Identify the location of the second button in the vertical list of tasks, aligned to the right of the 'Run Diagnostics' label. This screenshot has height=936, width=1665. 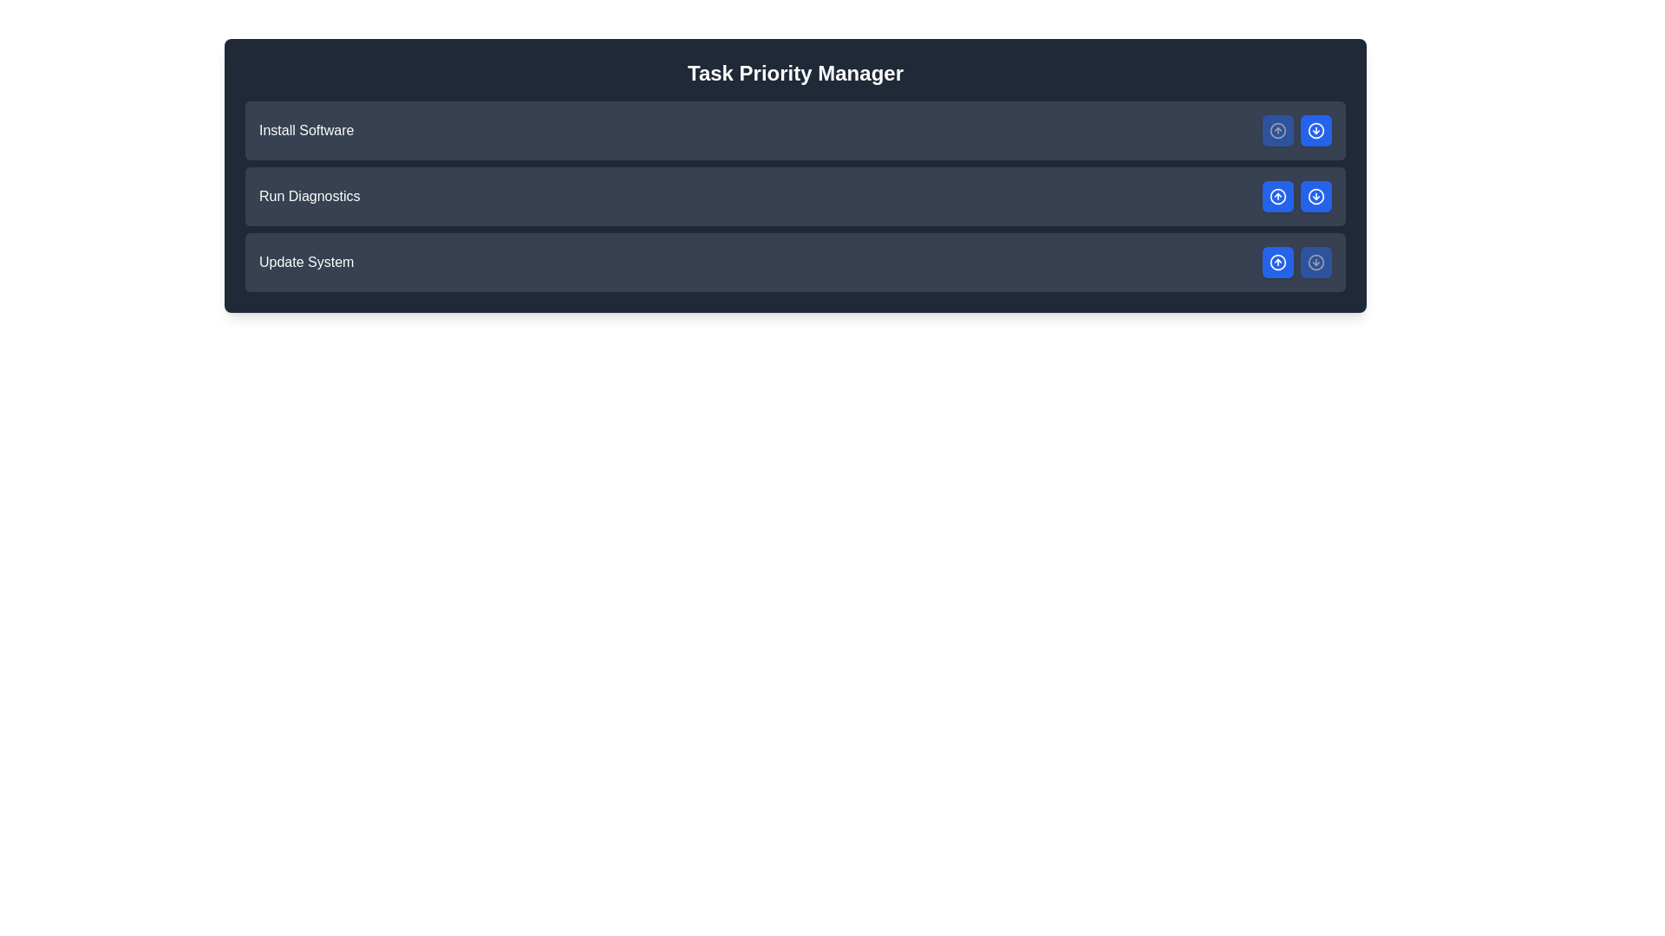
(1316, 129).